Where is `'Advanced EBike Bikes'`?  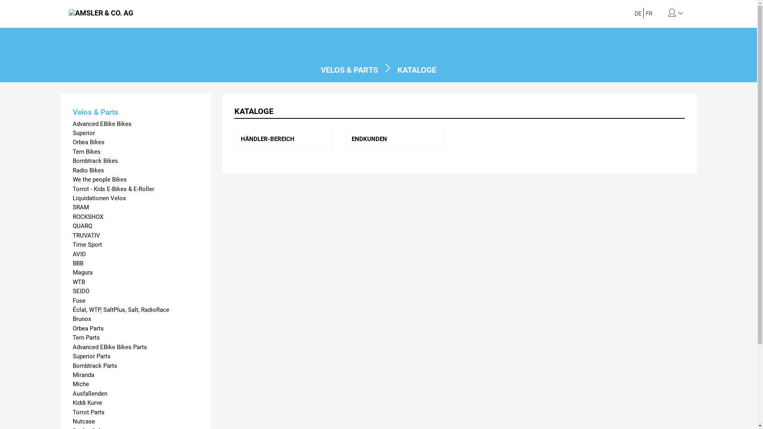 'Advanced EBike Bikes' is located at coordinates (135, 124).